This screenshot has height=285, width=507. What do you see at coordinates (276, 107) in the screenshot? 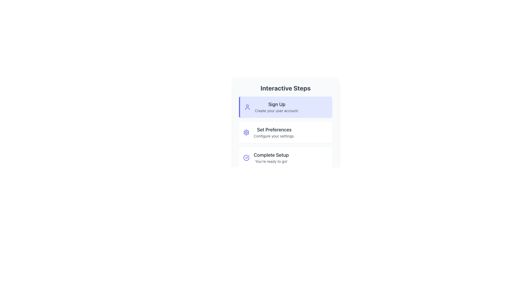
I see `text displayed in the Text Block, which includes 'Sign Up' in large bold font and 'Create your user account.' in smaller font, positioned near the top of the options list` at bounding box center [276, 107].